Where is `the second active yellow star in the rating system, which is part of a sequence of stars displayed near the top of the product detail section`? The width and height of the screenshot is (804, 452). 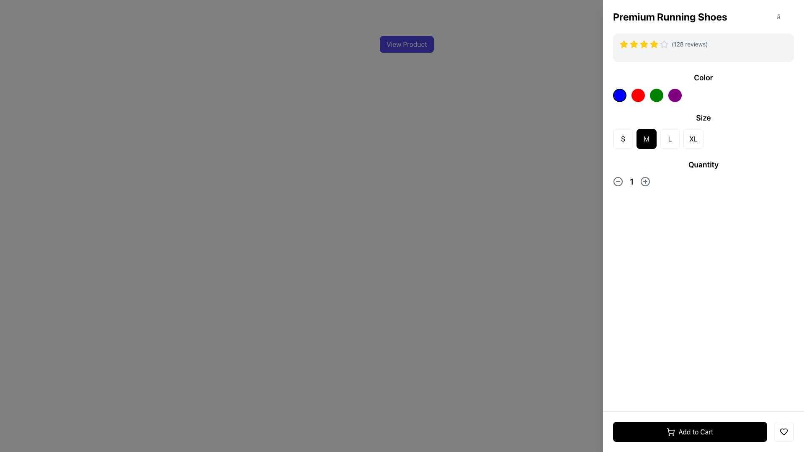 the second active yellow star in the rating system, which is part of a sequence of stars displayed near the top of the product detail section is located at coordinates (634, 44).